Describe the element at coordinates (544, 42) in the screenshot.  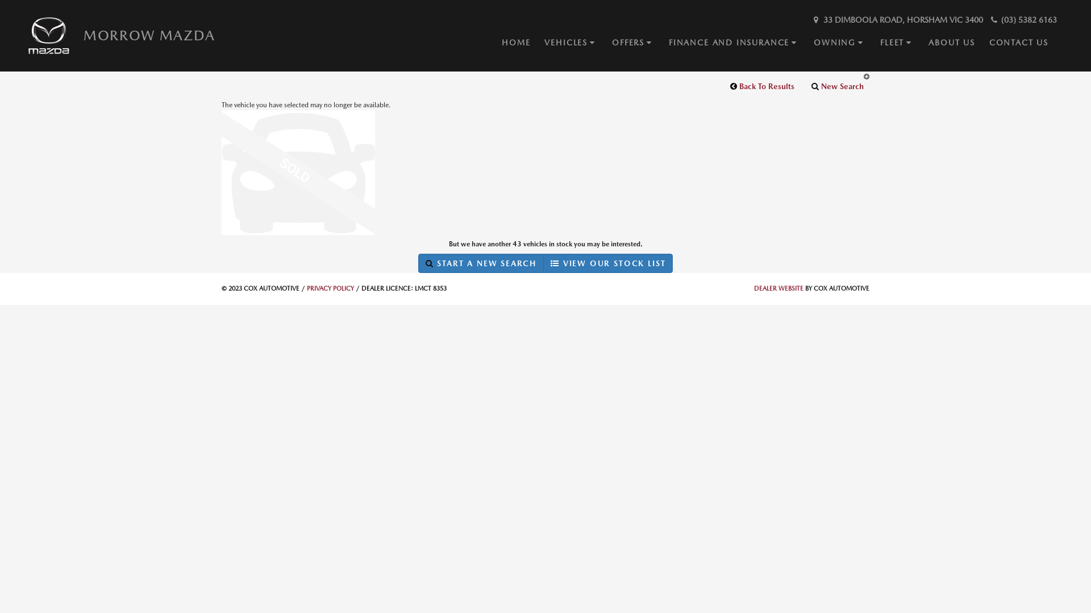
I see `'VEHICLES'` at that location.